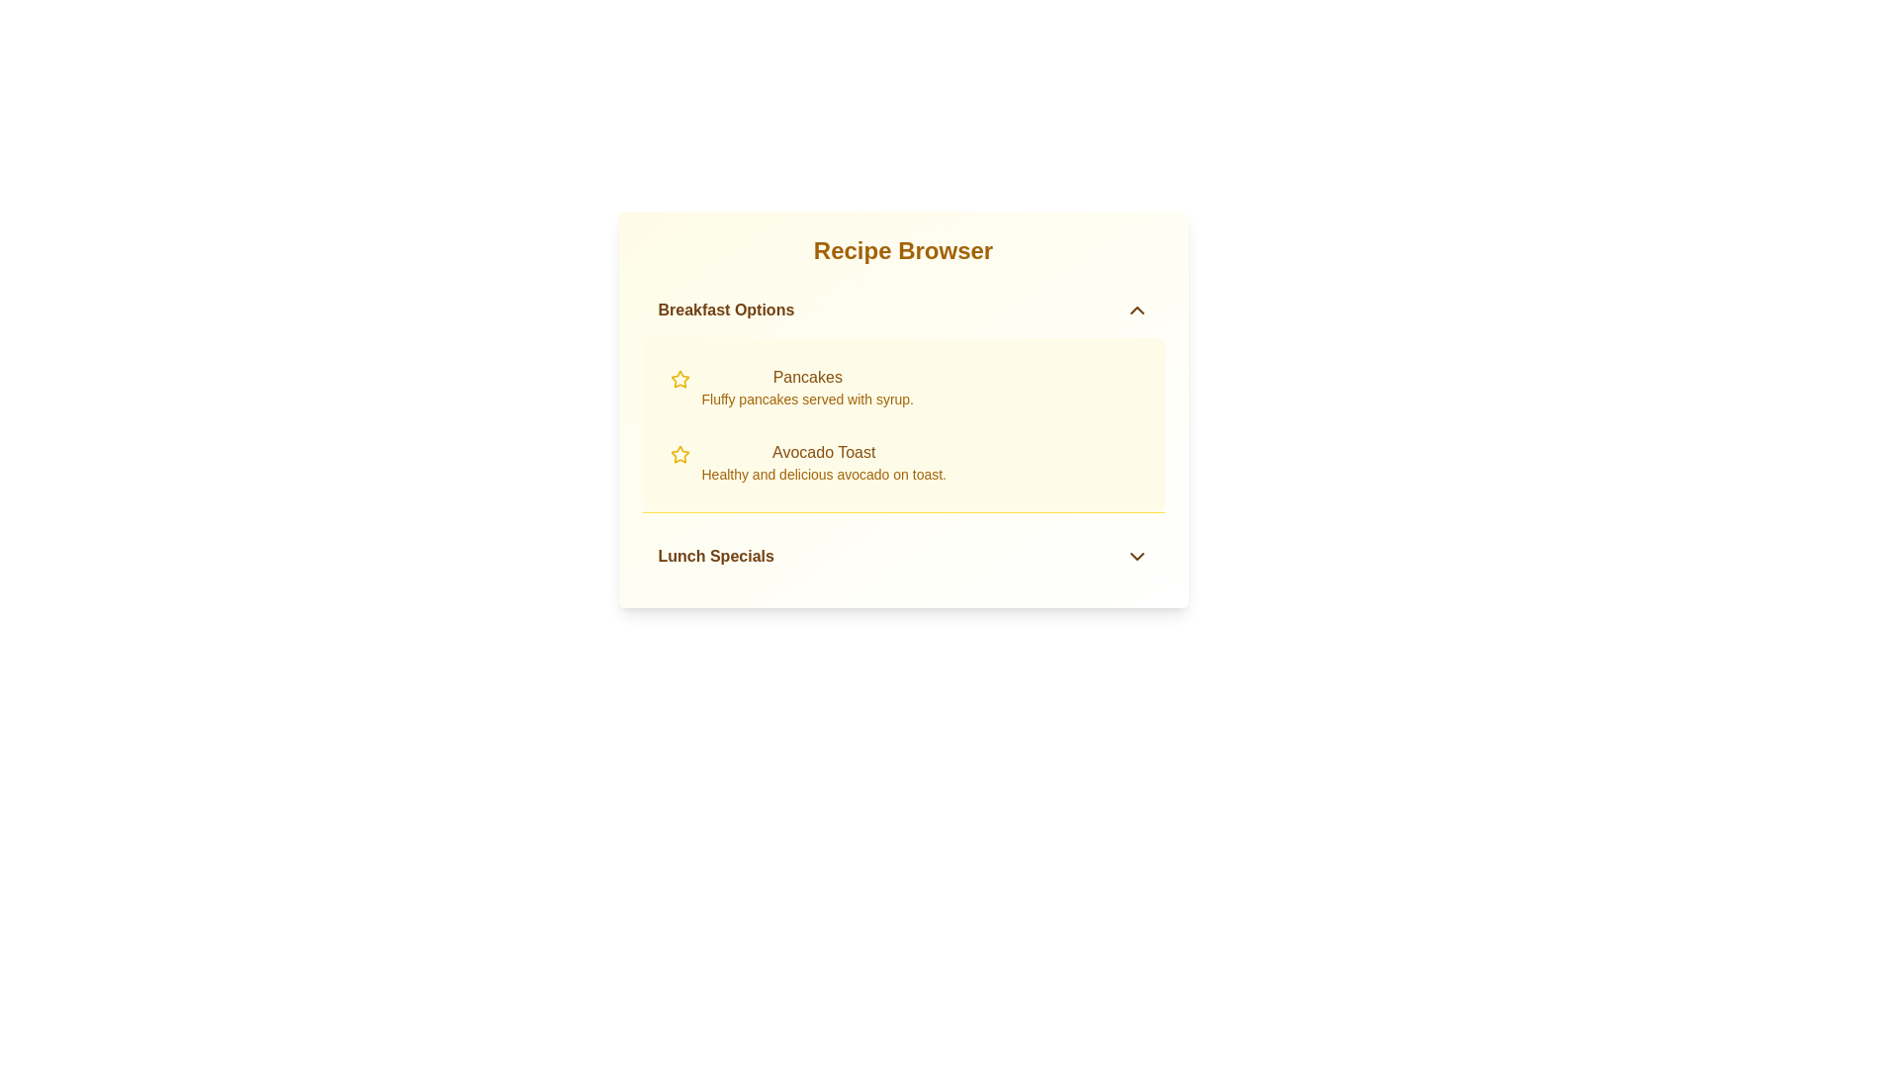 Image resolution: width=1899 pixels, height=1068 pixels. Describe the element at coordinates (902, 512) in the screenshot. I see `the visual element separator_breakfast_lunch for inspection` at that location.